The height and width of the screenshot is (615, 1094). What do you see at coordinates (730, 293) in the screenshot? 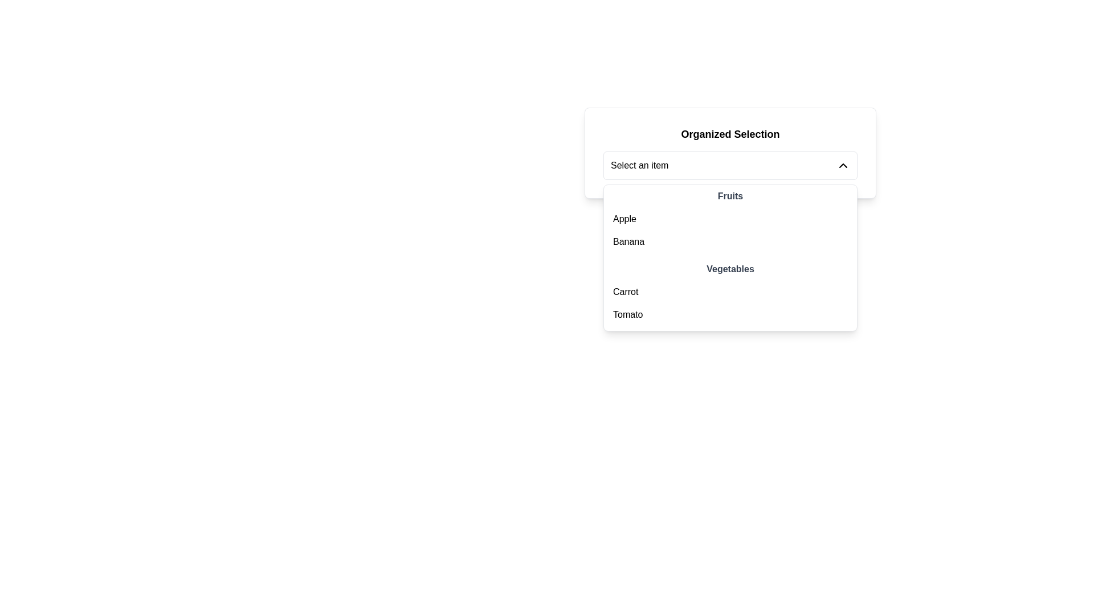
I see `the 'Carrot' option within the 'Vegetables' dropdown menu section, which is the second section beneath 'Fruits'` at bounding box center [730, 293].